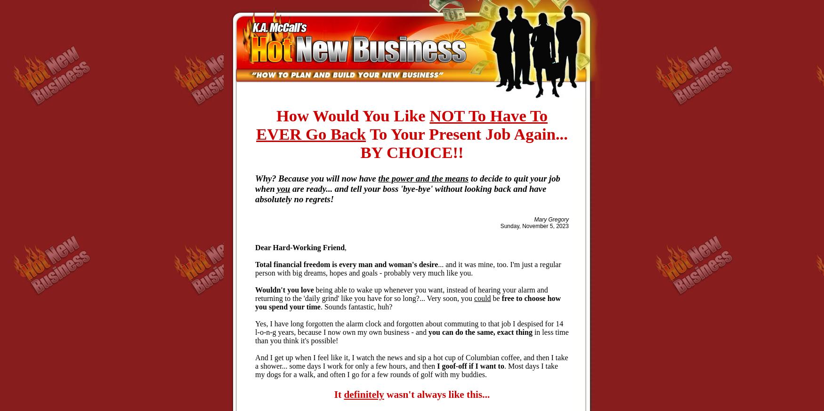 This screenshot has width=824, height=411. I want to click on 'wasn't always like this...', so click(436, 395).